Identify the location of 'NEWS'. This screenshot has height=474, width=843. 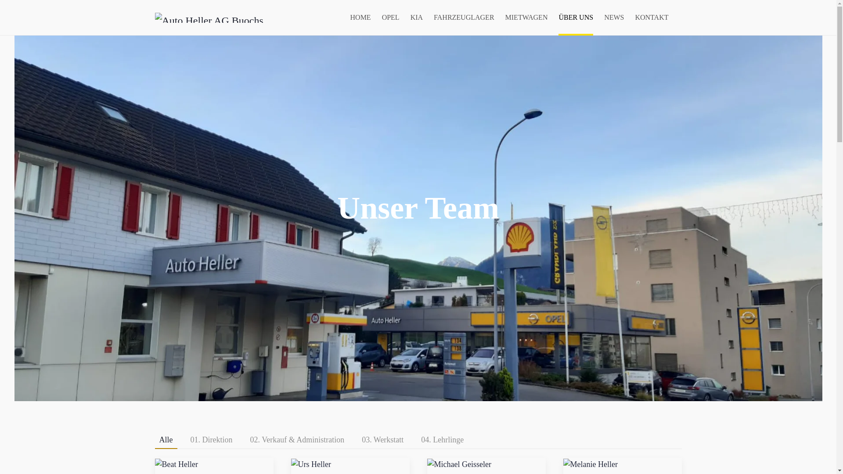
(613, 17).